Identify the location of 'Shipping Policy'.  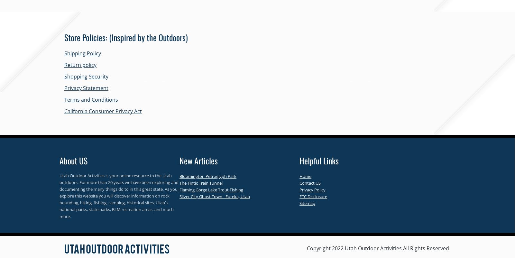
(82, 53).